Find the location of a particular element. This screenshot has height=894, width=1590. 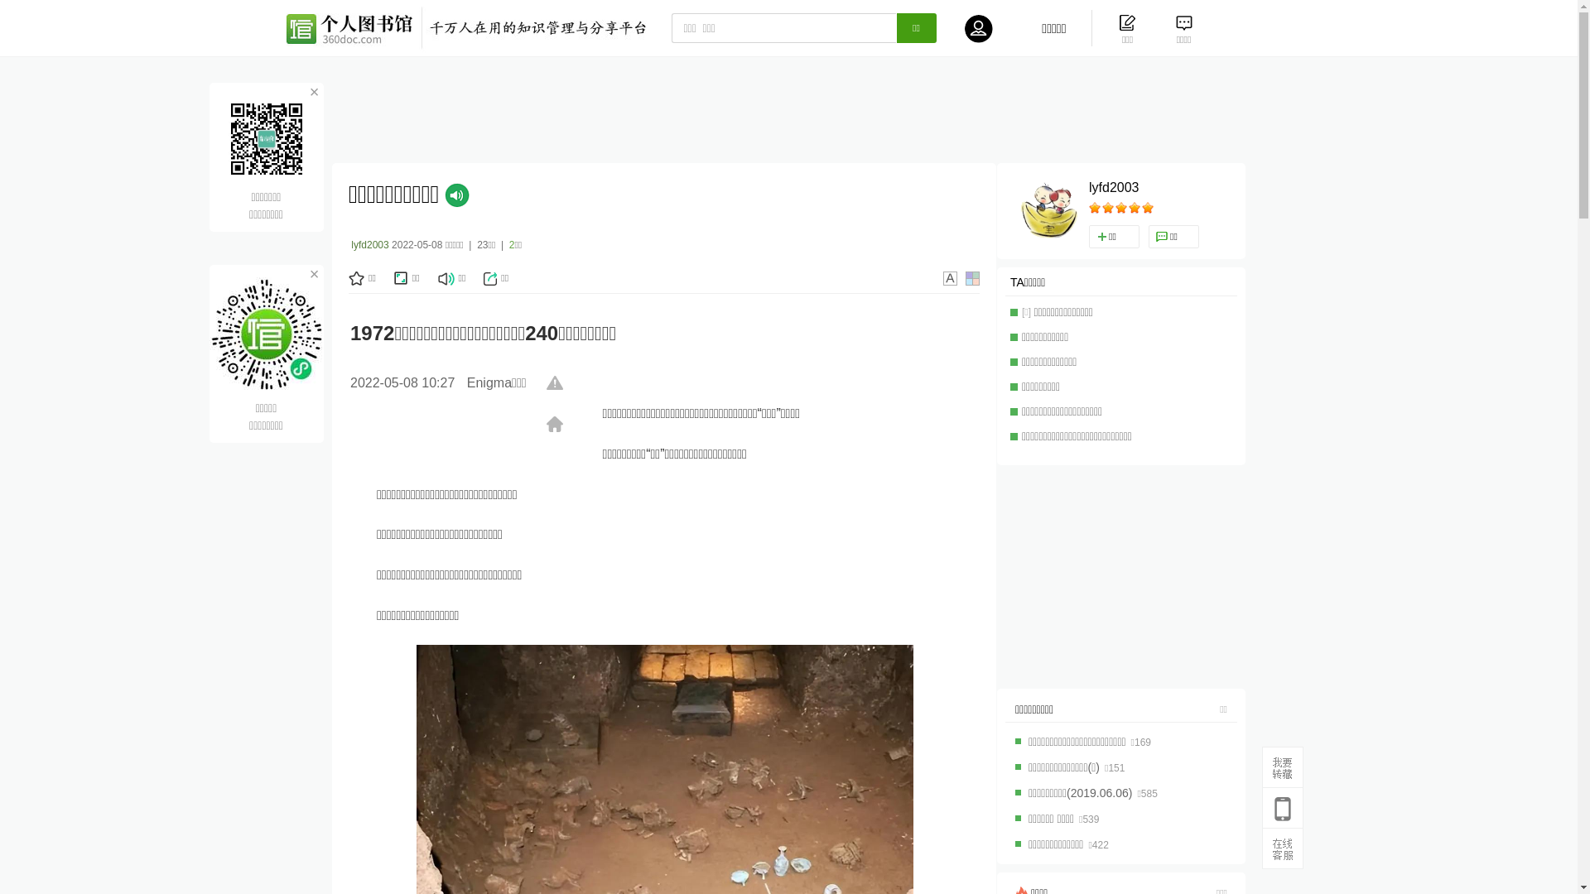

'lyfd2003' is located at coordinates (1114, 187).